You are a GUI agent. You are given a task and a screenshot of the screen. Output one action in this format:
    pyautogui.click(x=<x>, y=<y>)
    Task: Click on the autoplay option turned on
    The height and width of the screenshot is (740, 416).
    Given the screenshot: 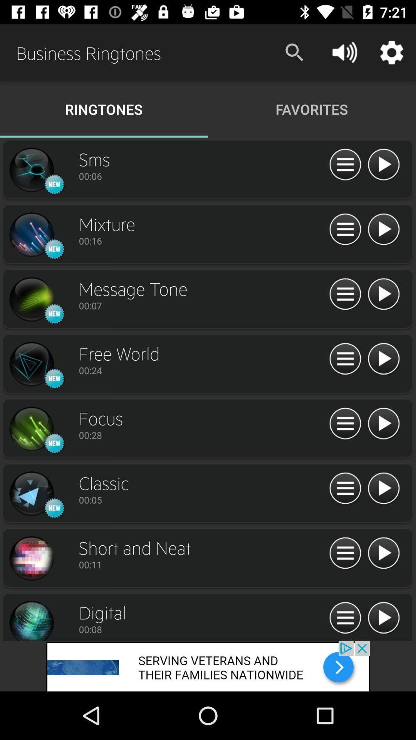 What is the action you would take?
    pyautogui.click(x=383, y=229)
    